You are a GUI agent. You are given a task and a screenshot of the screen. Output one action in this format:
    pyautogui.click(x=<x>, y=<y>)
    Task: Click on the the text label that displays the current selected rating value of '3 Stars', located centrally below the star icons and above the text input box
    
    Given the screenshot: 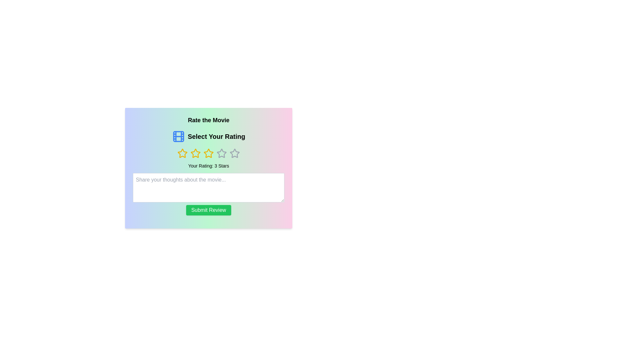 What is the action you would take?
    pyautogui.click(x=208, y=166)
    